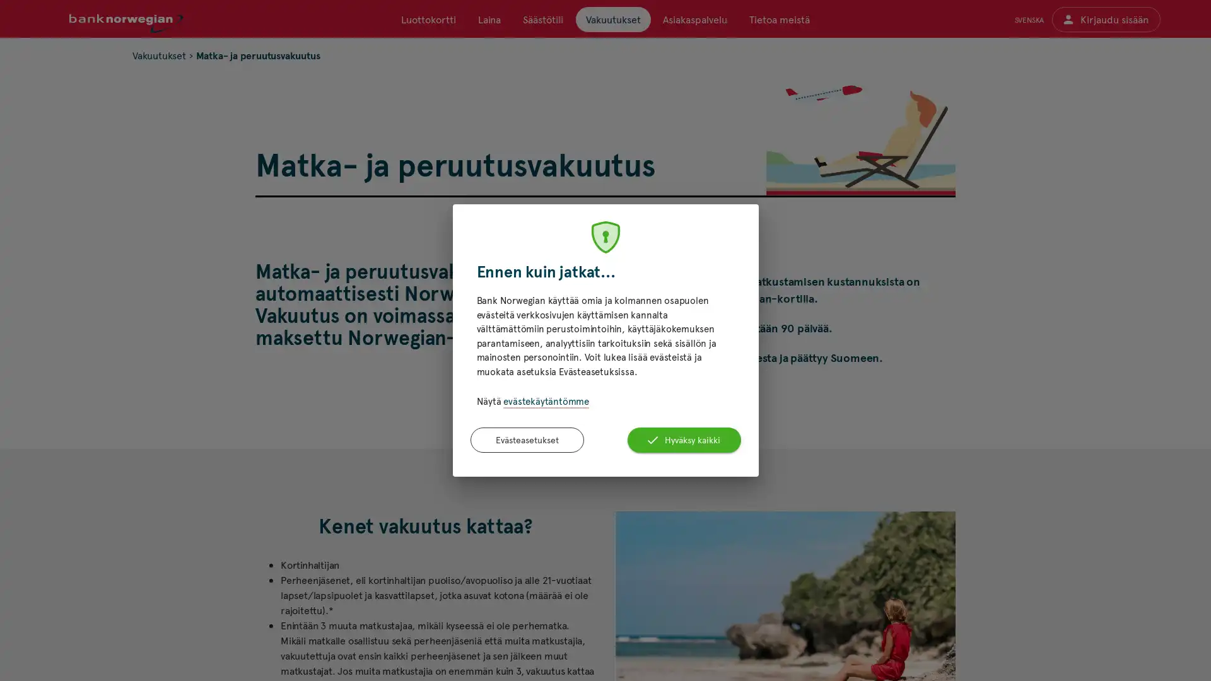 The height and width of the screenshot is (681, 1211). Describe the element at coordinates (527, 439) in the screenshot. I see `Evasteasetukset` at that location.